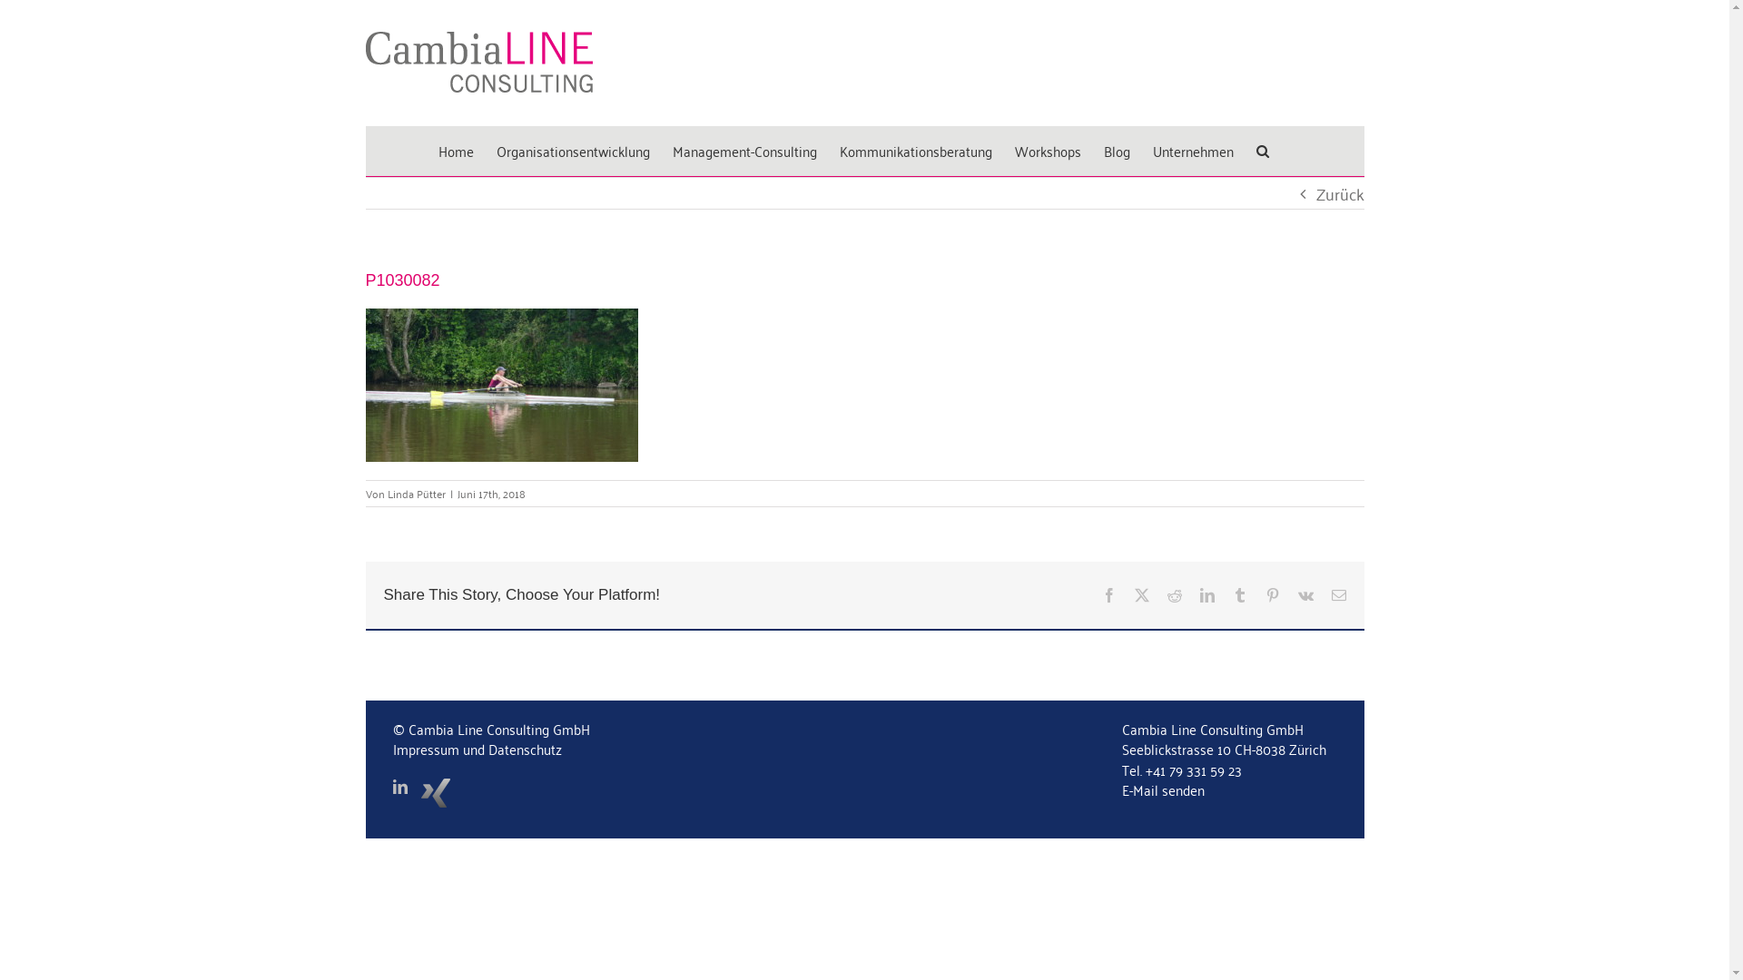 Image resolution: width=1743 pixels, height=980 pixels. Describe the element at coordinates (455, 150) in the screenshot. I see `'Home'` at that location.